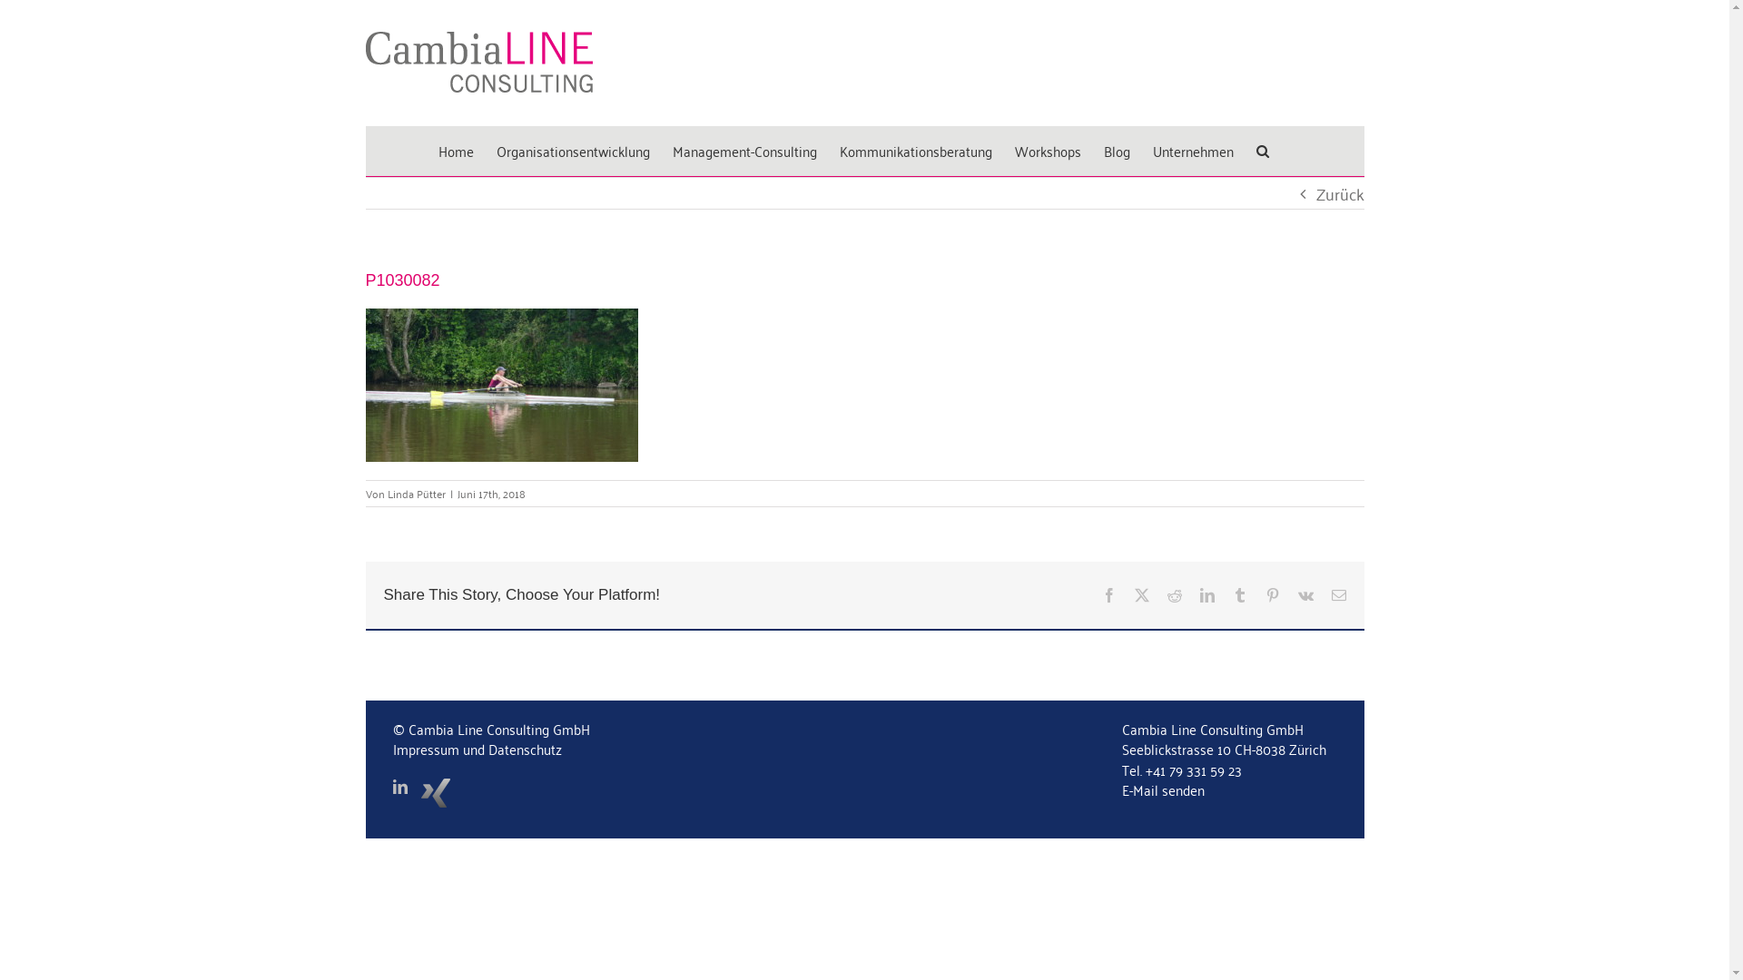 Image resolution: width=1743 pixels, height=980 pixels. Describe the element at coordinates (455, 150) in the screenshot. I see `'Home'` at that location.